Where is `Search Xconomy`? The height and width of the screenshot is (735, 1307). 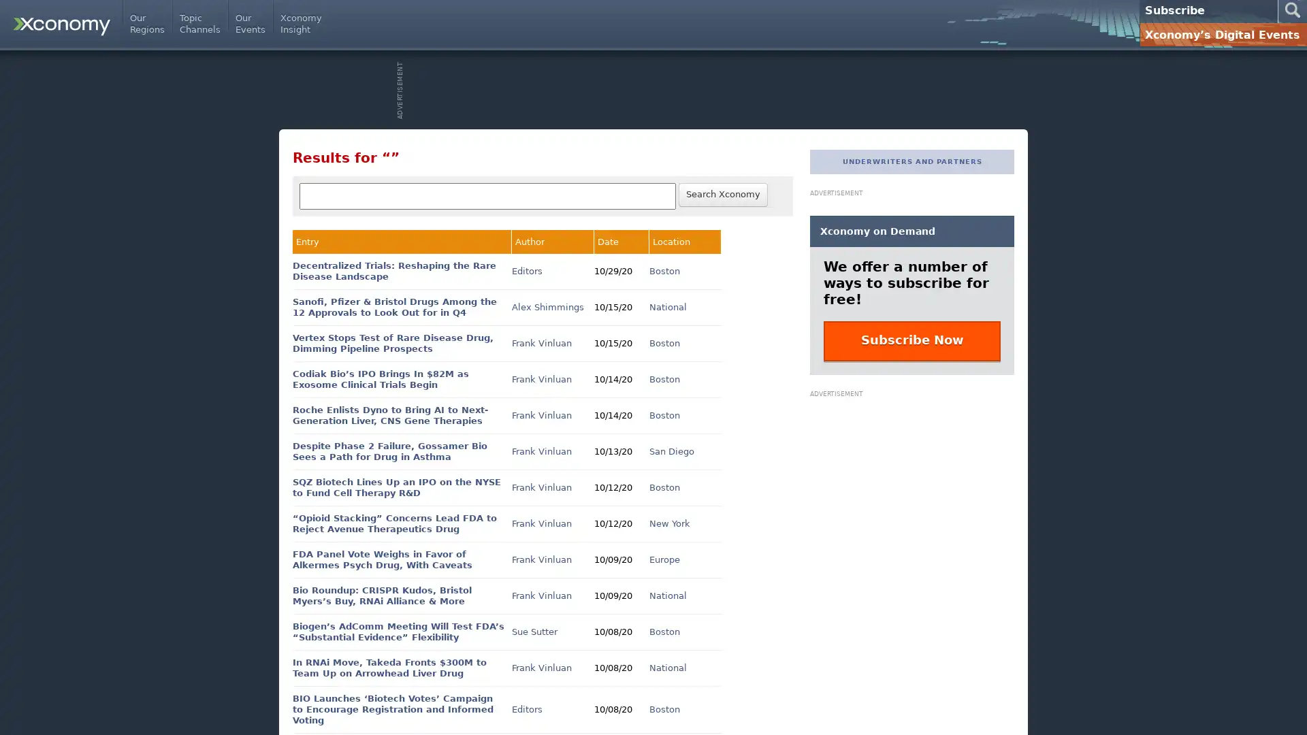 Search Xconomy is located at coordinates (722, 195).